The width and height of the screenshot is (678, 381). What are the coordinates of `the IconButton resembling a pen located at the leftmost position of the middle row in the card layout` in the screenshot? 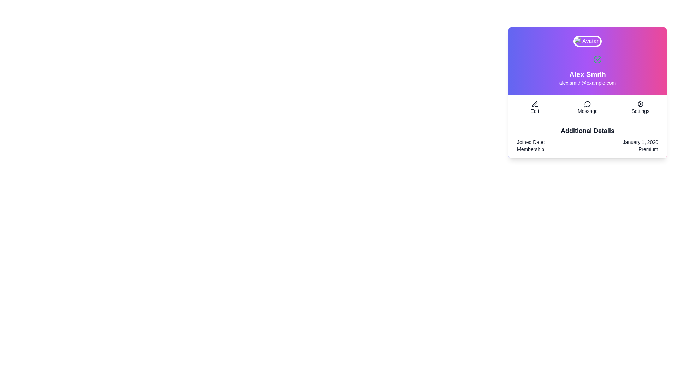 It's located at (535, 104).